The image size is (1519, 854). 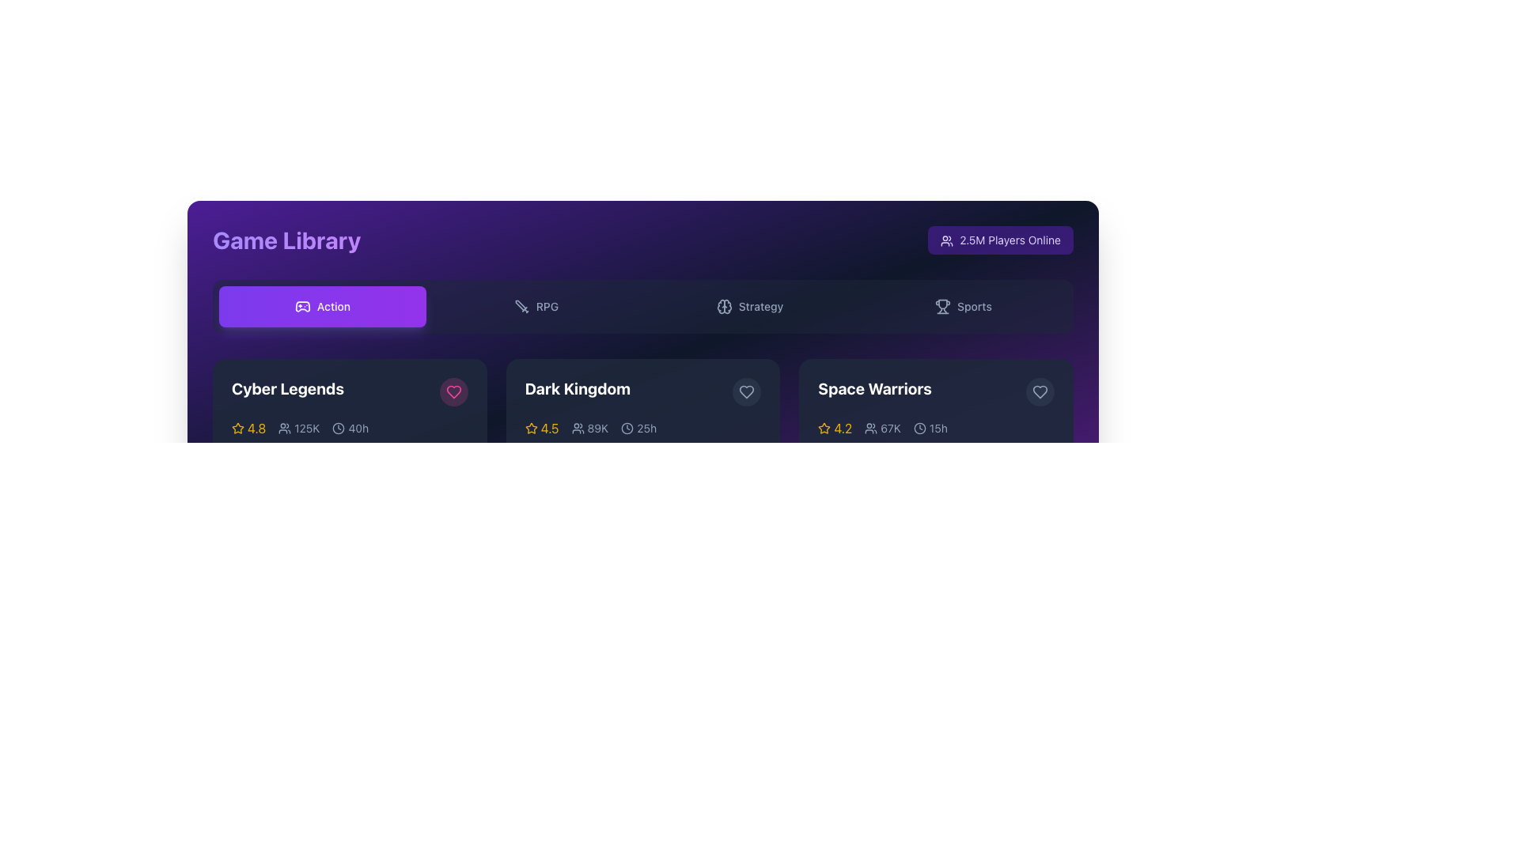 I want to click on the text and icon pair displaying '40h', which is located in the bottom row of the 'Cyber Legends' card, positioned after the user count '125K', so click(x=349, y=429).